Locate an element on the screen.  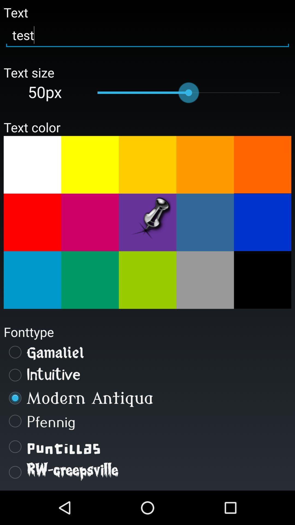
light green color is located at coordinates (90, 280).